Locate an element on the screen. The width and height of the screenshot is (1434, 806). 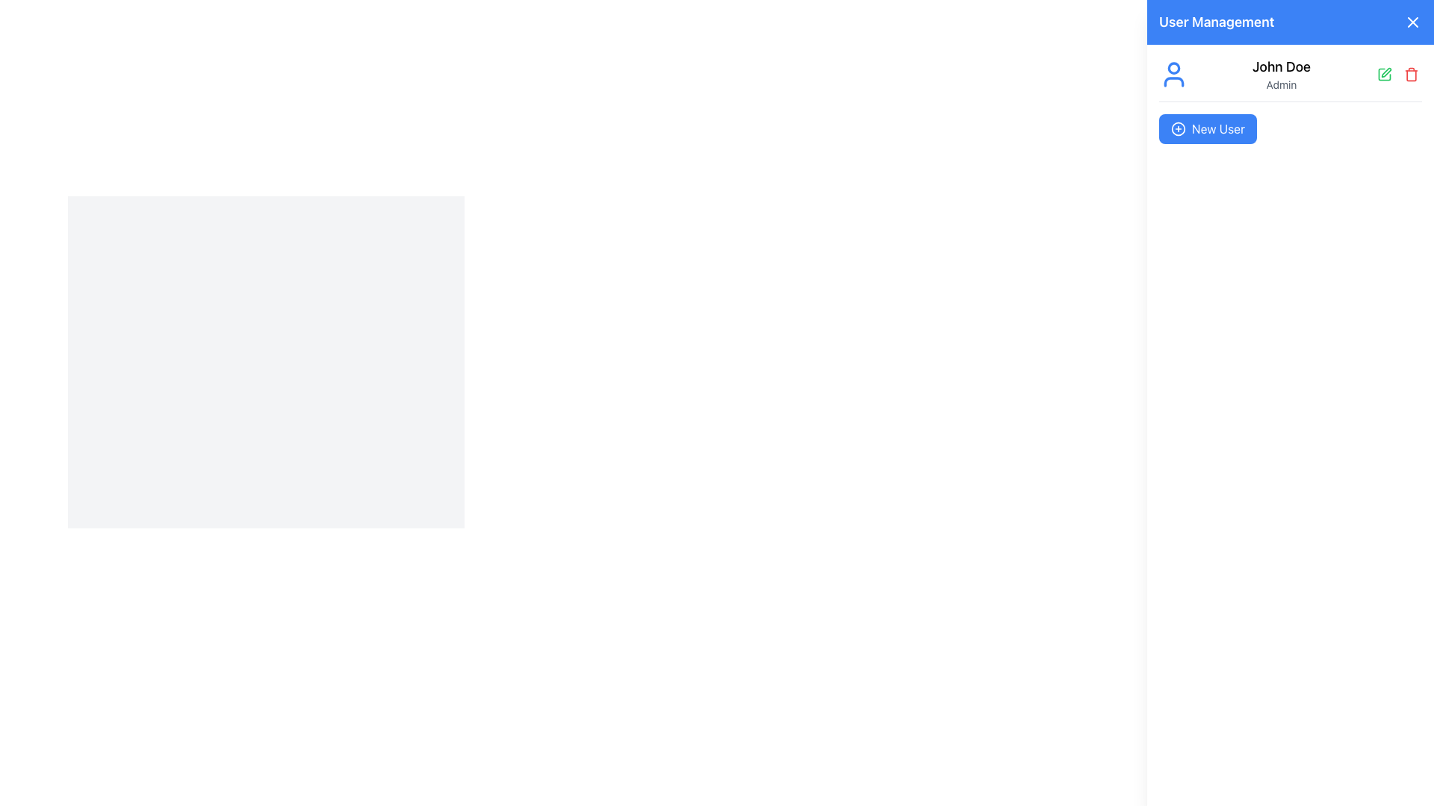
the 'New User' button, which displays white text on a blue background, located in the lower section of the 'User Management' panel is located at coordinates (1218, 128).